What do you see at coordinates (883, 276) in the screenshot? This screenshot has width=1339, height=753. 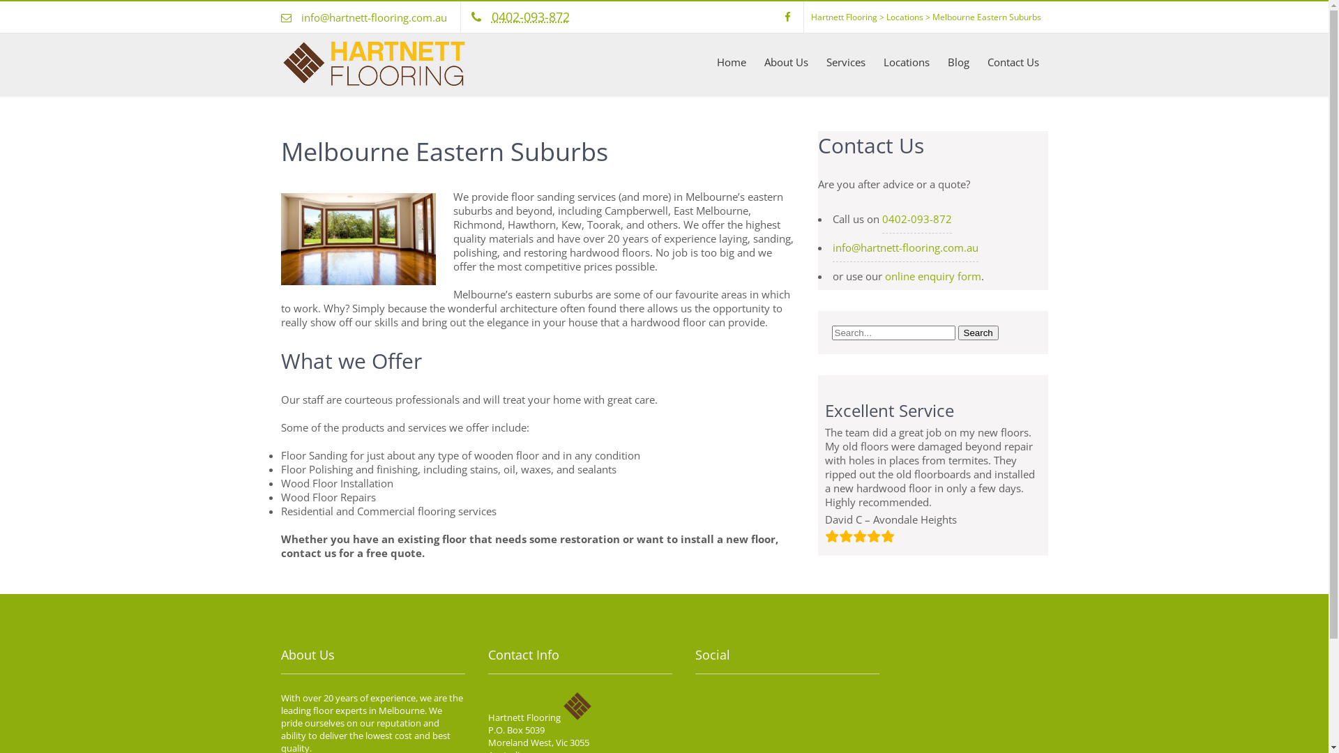 I see `'online enquiry form'` at bounding box center [883, 276].